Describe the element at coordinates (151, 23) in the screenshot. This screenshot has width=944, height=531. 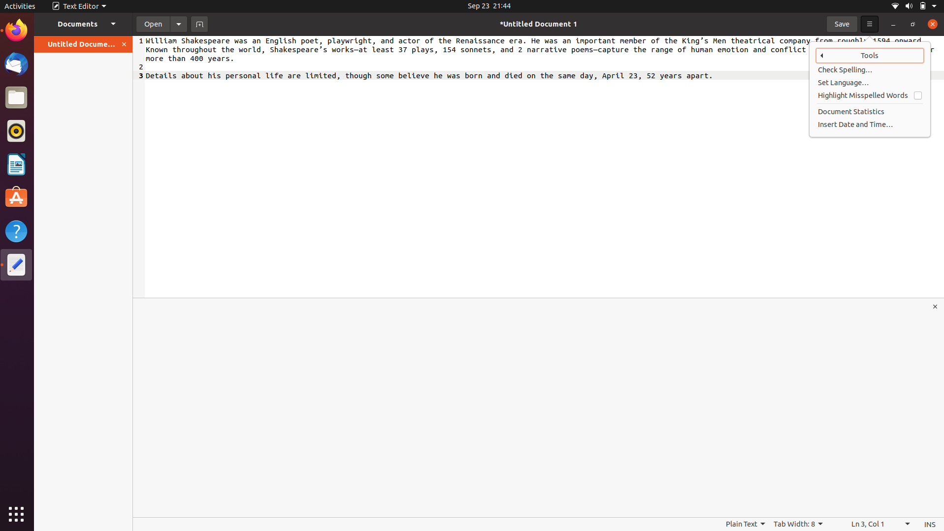
I see `the document named textfile.txt` at that location.